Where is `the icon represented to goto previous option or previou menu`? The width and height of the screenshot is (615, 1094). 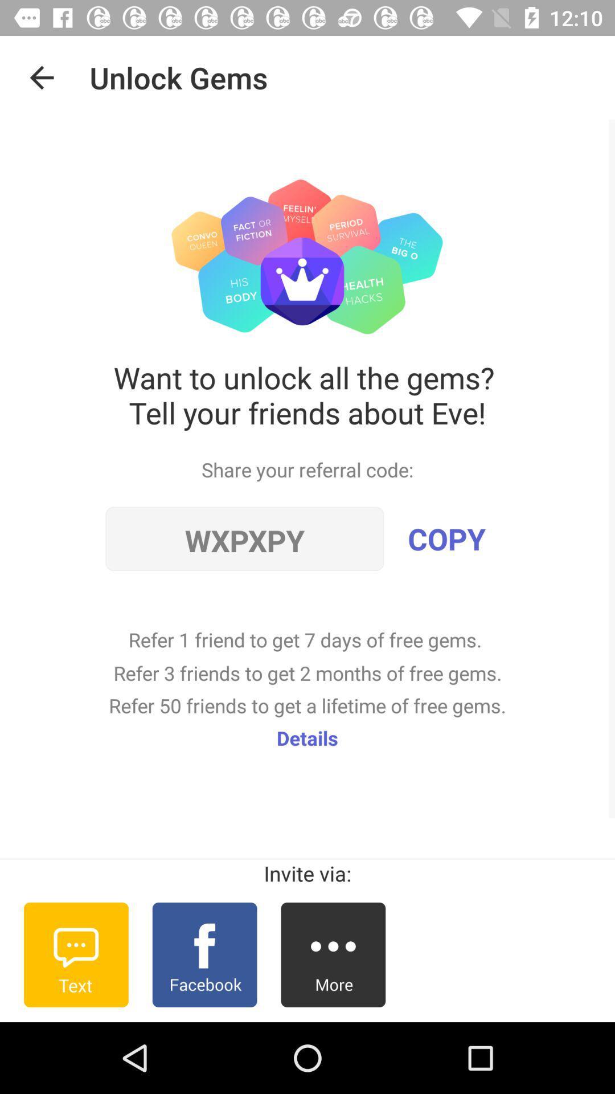
the icon represented to goto previous option or previou menu is located at coordinates (41, 77).